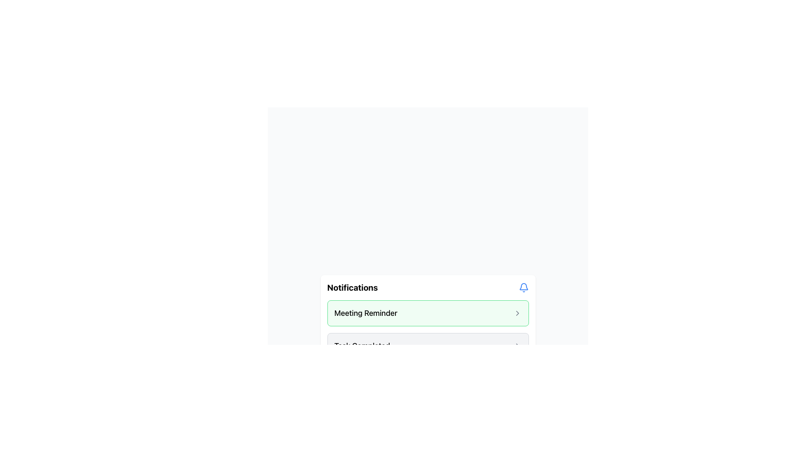 The image size is (806, 453). What do you see at coordinates (428, 329) in the screenshot?
I see `the 'Meeting Reminder' interactive notification item, which has a green background and bold text` at bounding box center [428, 329].